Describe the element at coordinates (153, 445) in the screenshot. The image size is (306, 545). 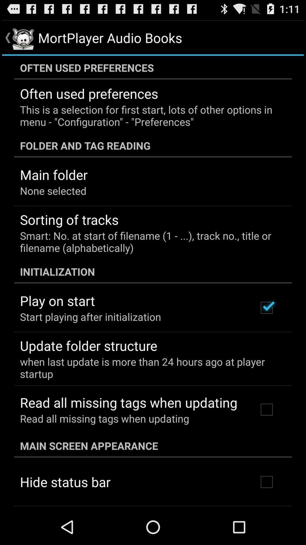
I see `the icon below read all missing item` at that location.